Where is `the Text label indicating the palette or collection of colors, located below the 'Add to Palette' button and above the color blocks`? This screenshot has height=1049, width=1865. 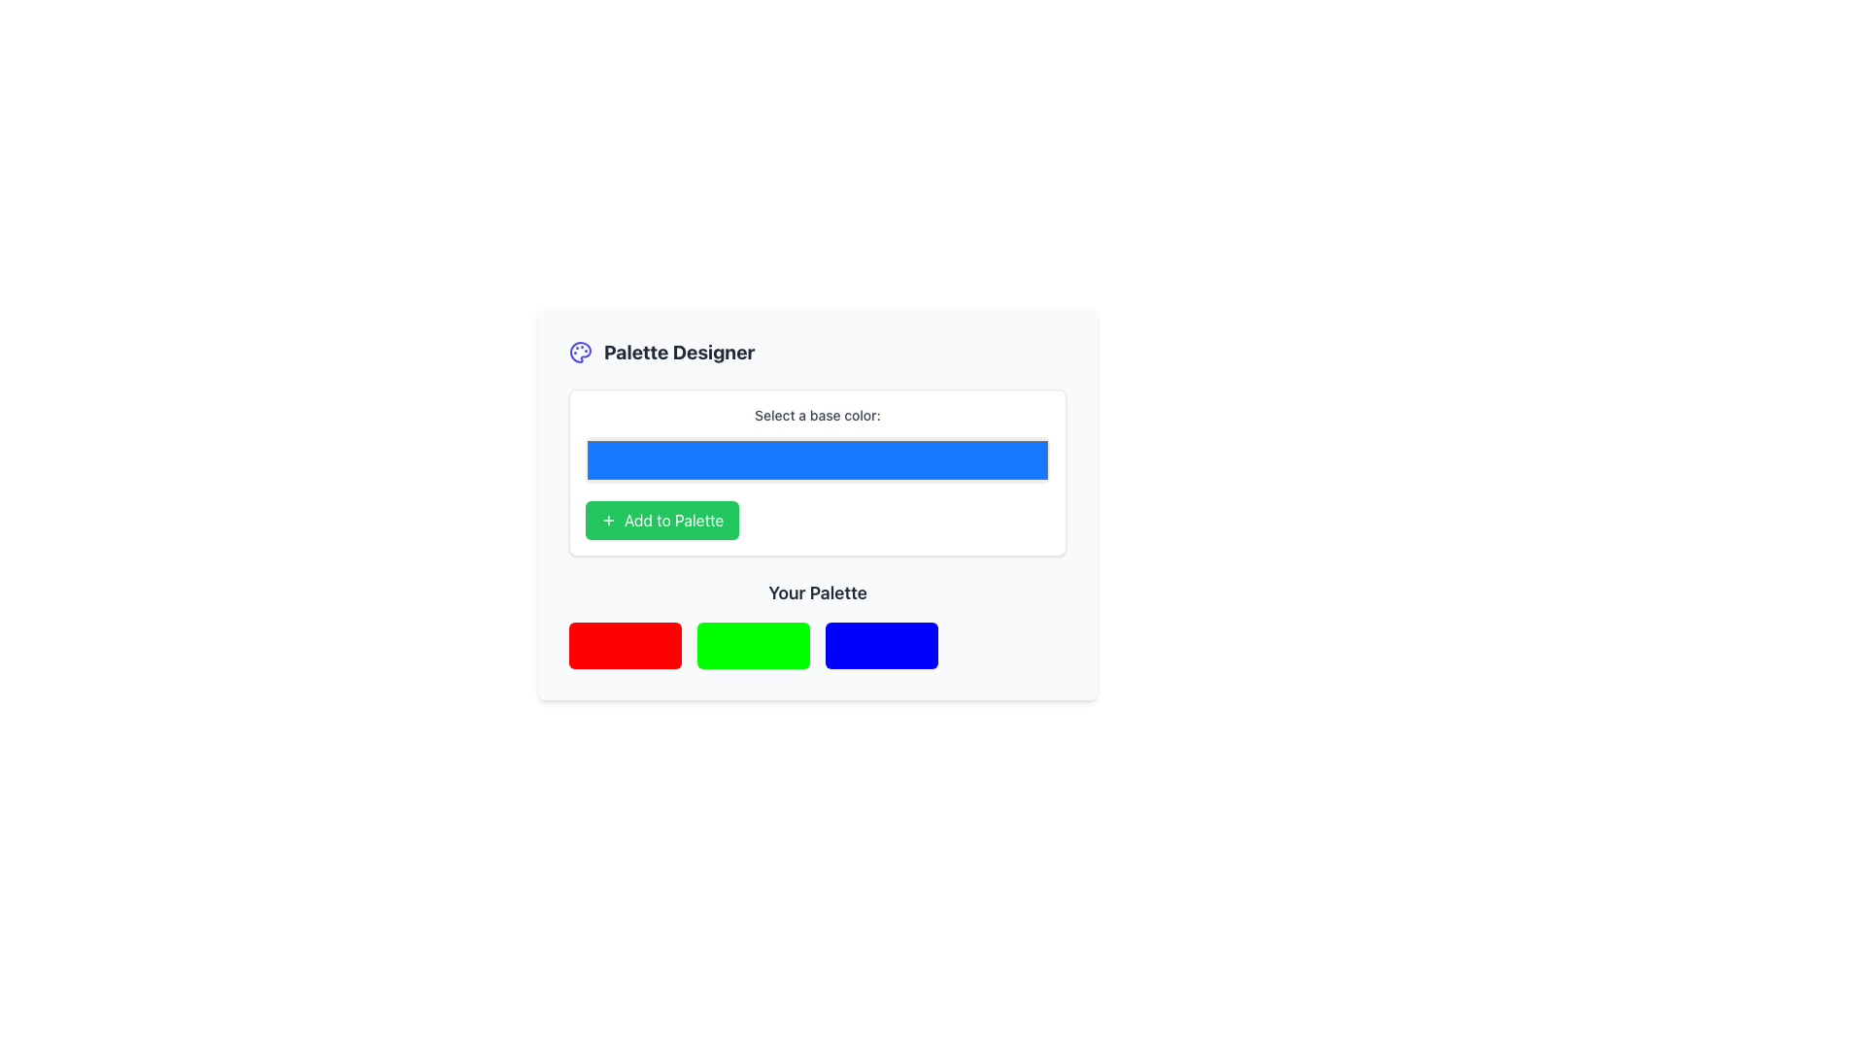
the Text label indicating the palette or collection of colors, located below the 'Add to Palette' button and above the color blocks is located at coordinates (817, 592).